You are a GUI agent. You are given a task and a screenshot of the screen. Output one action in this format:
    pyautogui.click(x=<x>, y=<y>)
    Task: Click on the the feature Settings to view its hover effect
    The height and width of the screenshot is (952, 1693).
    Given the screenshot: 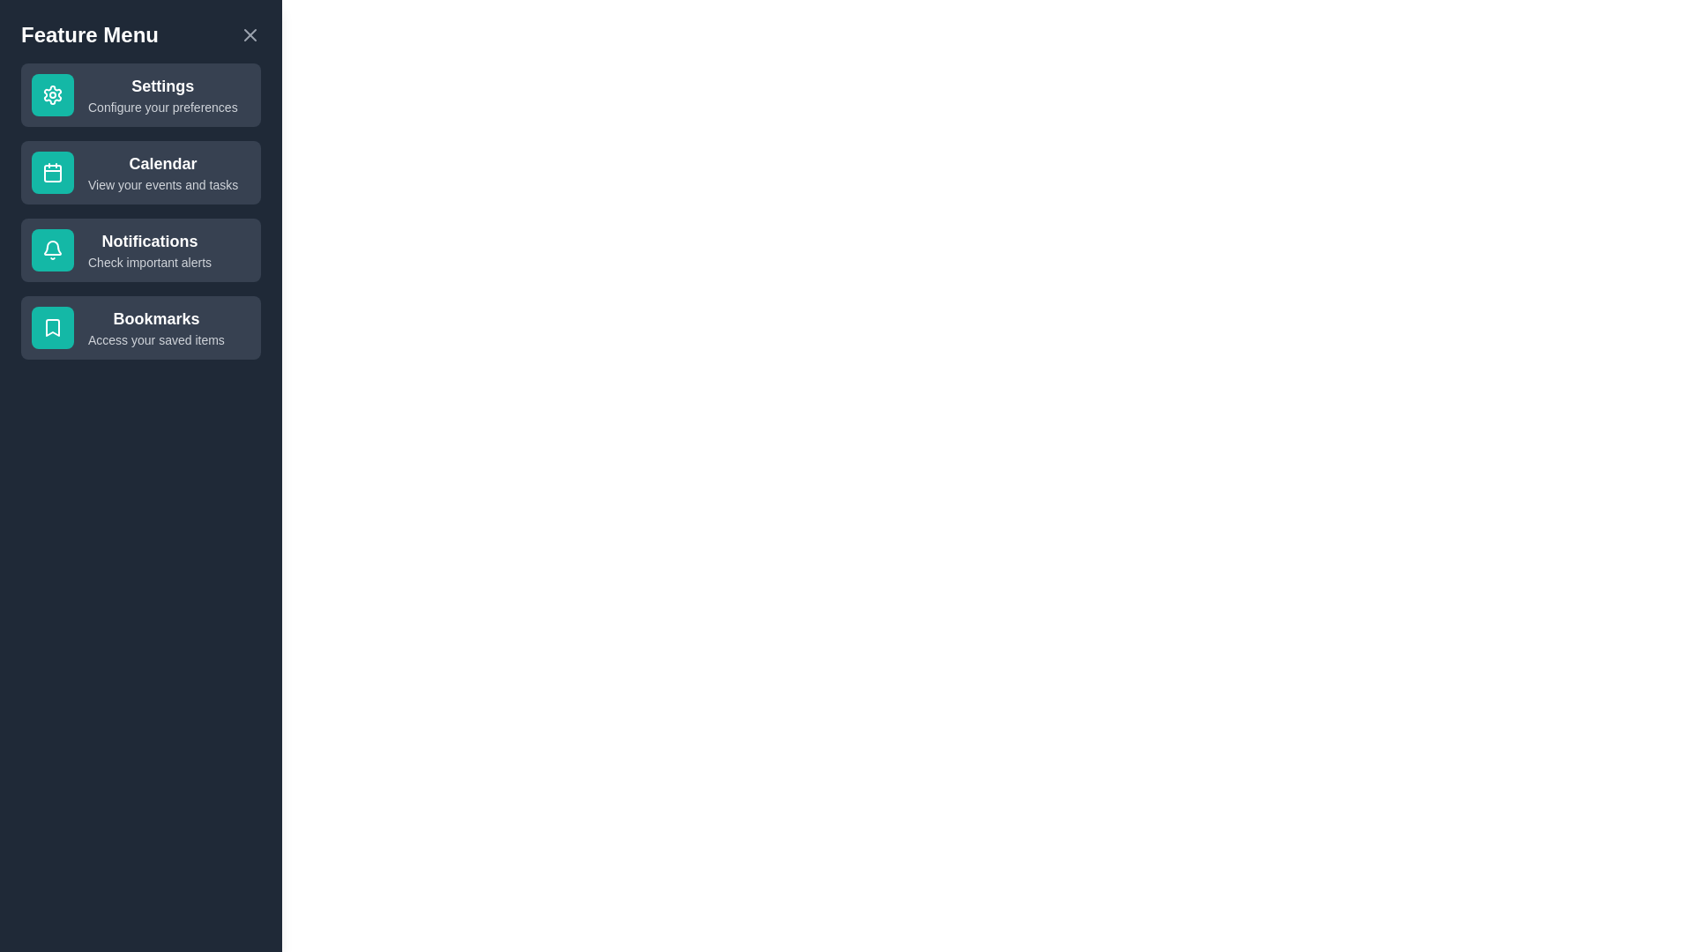 What is the action you would take?
    pyautogui.click(x=139, y=95)
    